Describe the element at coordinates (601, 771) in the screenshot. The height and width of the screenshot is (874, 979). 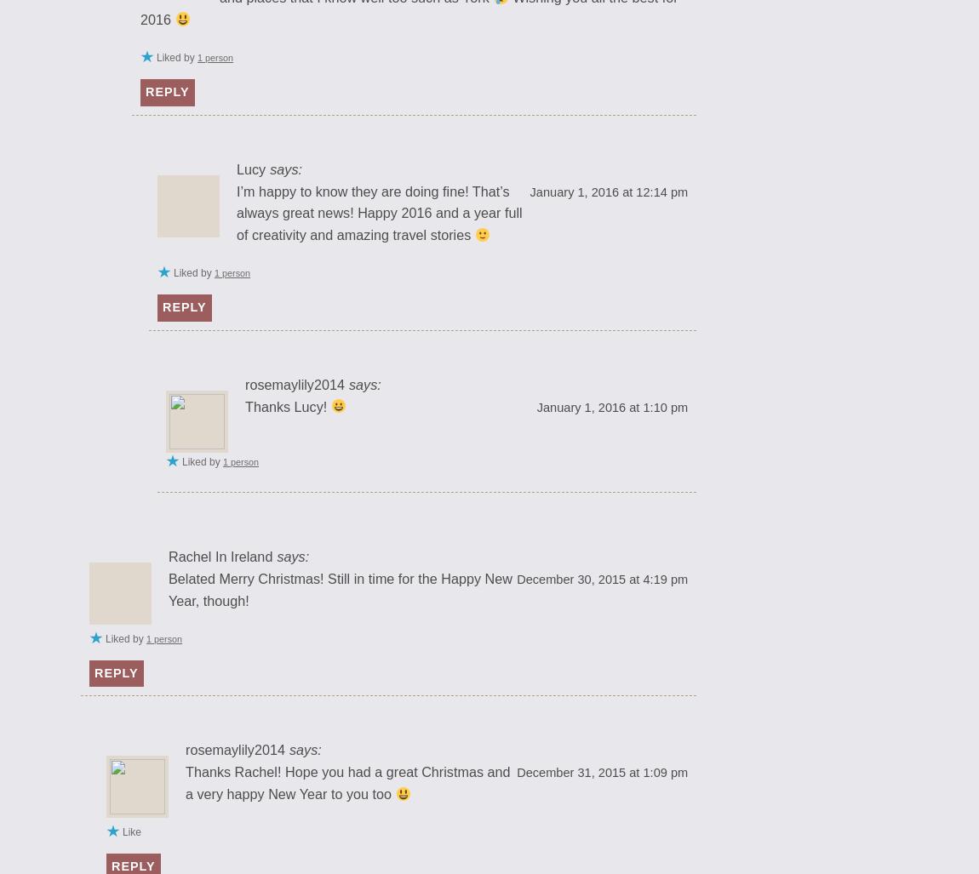
I see `'December 31, 2015 at 1:09 pm'` at that location.